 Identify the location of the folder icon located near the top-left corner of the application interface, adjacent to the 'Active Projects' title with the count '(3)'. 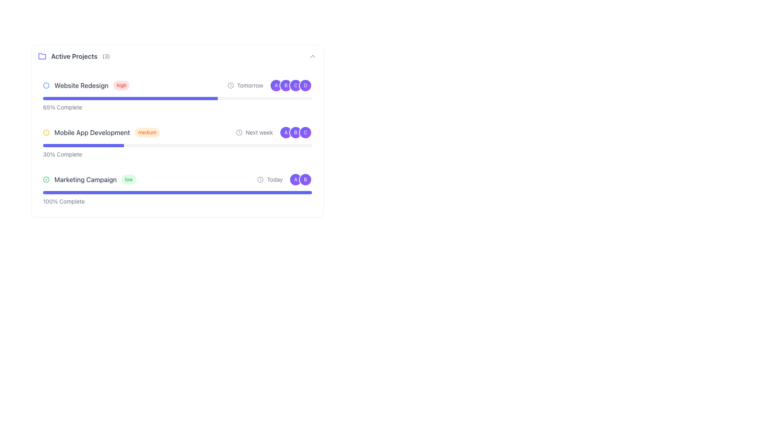
(42, 56).